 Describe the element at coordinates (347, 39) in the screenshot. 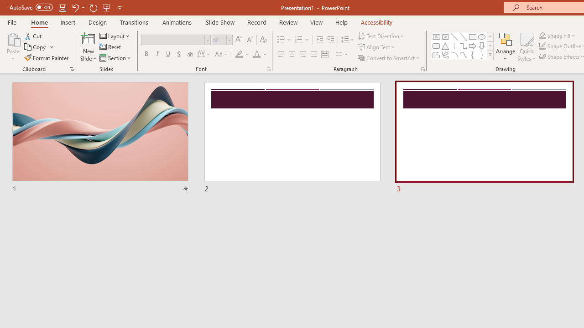

I see `'Line Spacing'` at that location.